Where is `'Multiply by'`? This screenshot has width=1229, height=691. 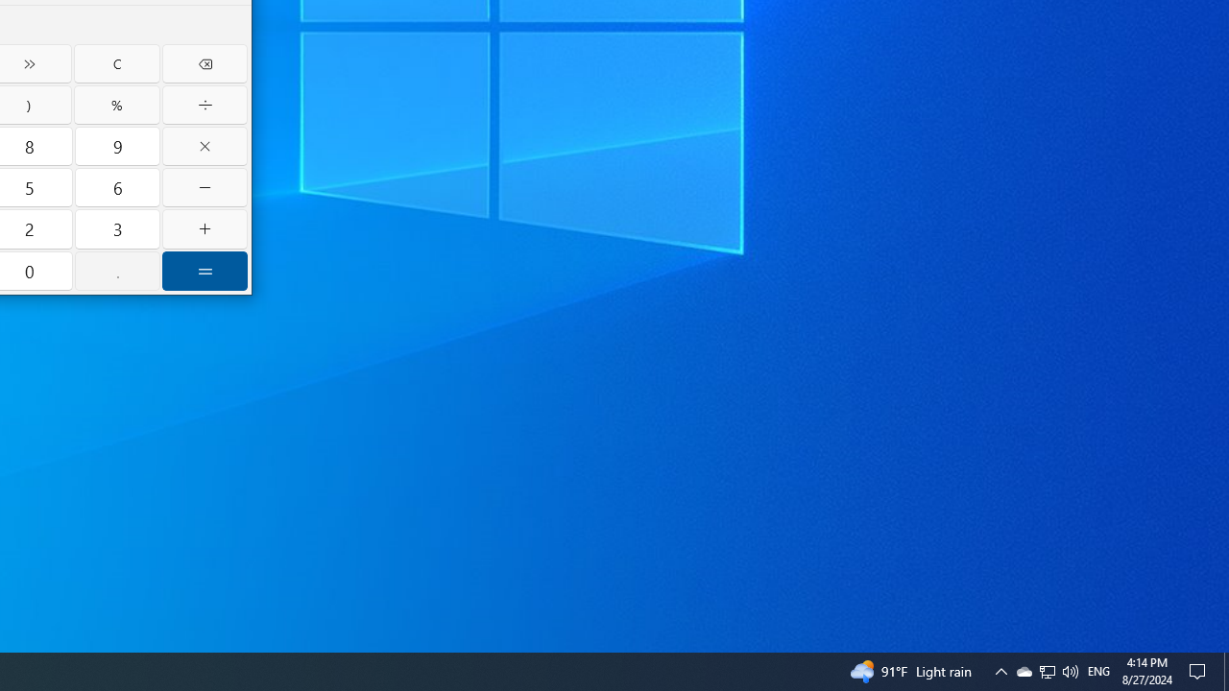
'Multiply by' is located at coordinates (205, 145).